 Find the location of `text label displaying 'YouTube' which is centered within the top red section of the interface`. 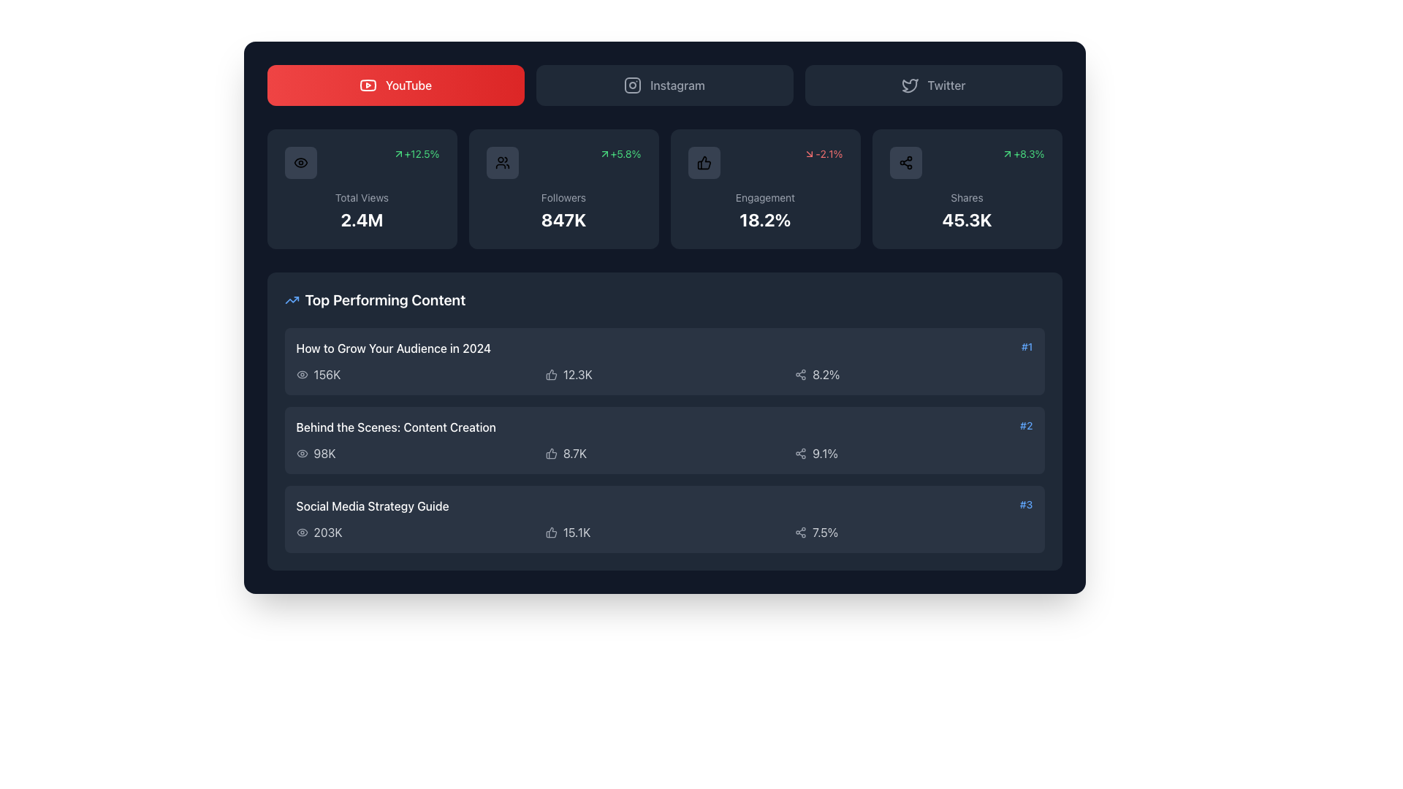

text label displaying 'YouTube' which is centered within the top red section of the interface is located at coordinates (408, 85).